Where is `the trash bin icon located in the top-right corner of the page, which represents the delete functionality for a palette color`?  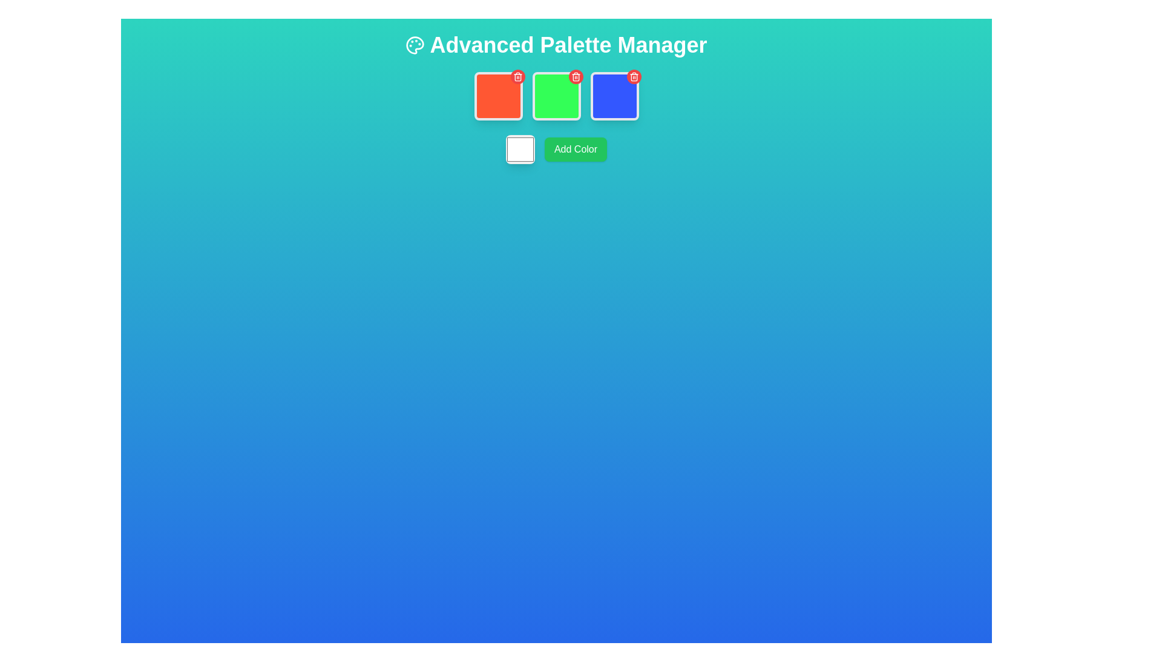
the trash bin icon located in the top-right corner of the page, which represents the delete functionality for a palette color is located at coordinates (575, 78).